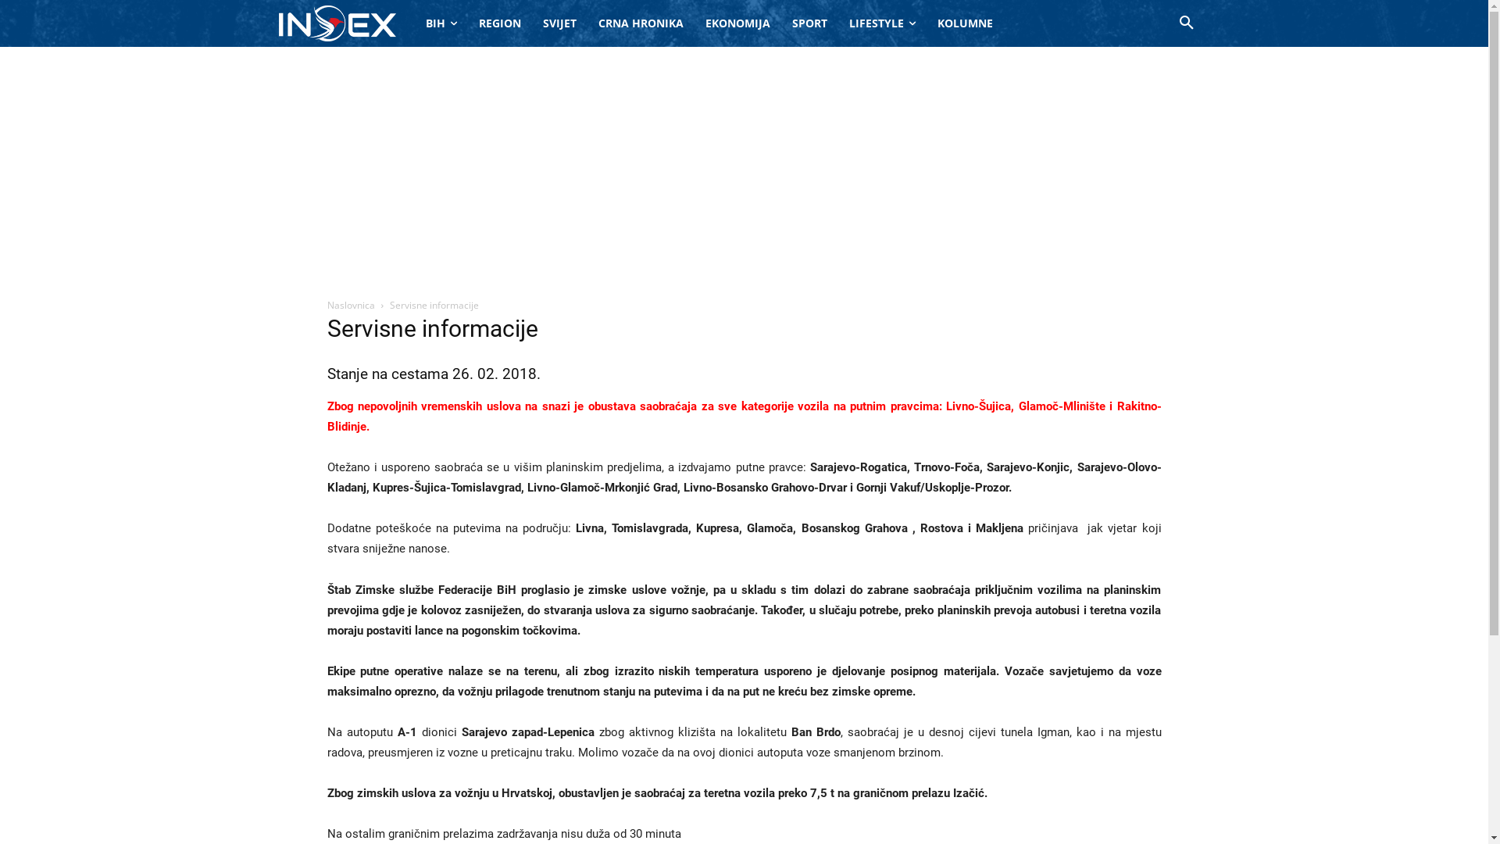 The height and width of the screenshot is (844, 1500). Describe the element at coordinates (349, 305) in the screenshot. I see `'Naslovnica'` at that location.